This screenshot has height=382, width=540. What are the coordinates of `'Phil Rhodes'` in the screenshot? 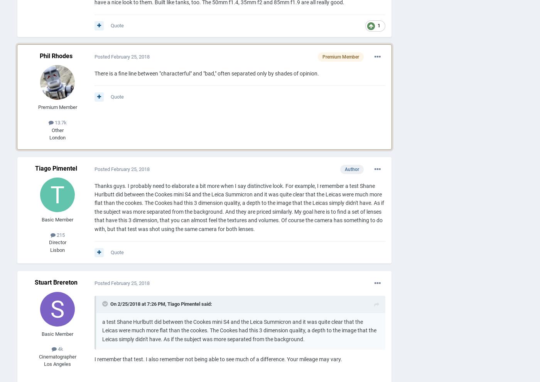 It's located at (56, 55).